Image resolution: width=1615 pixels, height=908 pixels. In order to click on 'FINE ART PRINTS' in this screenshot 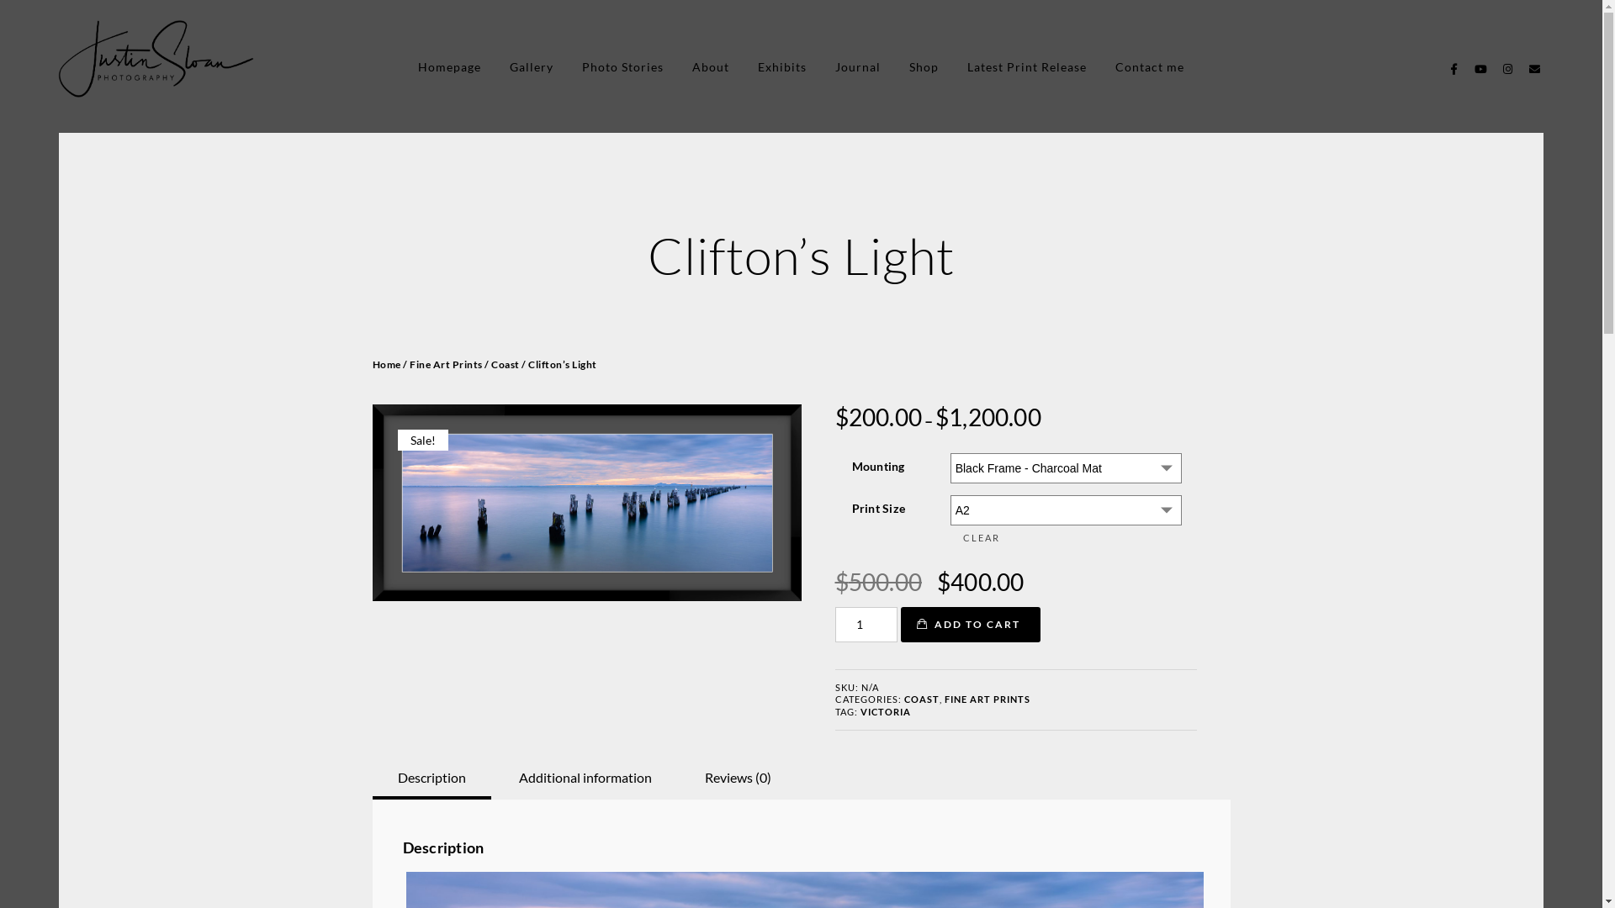, I will do `click(986, 699)`.